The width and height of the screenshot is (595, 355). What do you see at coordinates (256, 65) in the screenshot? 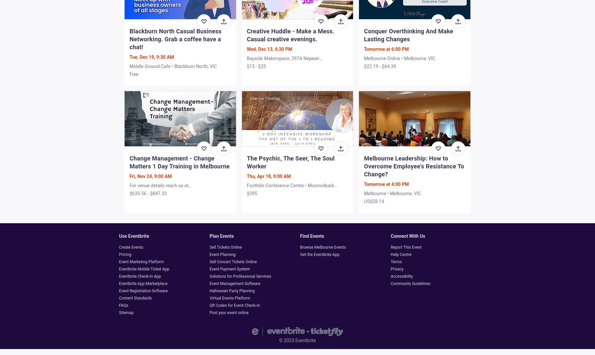
I see `'$15 - $25'` at bounding box center [256, 65].